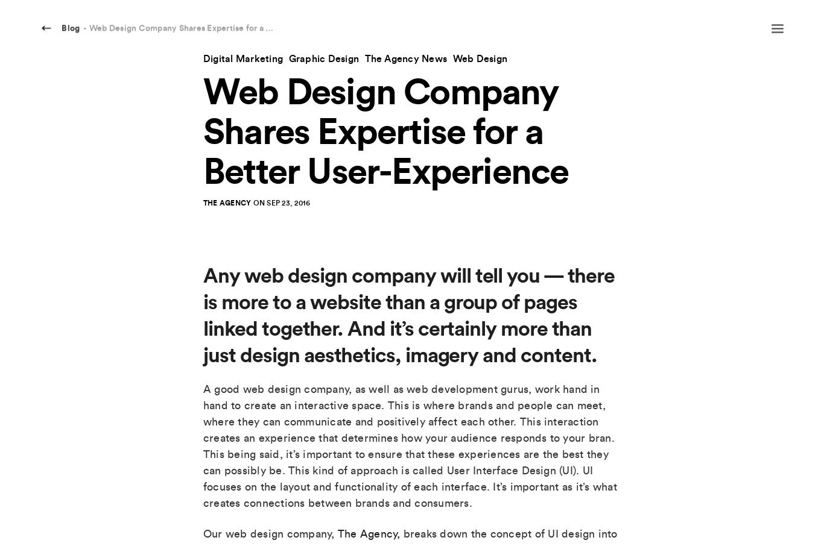  Describe the element at coordinates (480, 454) in the screenshot. I see `'Web Development'` at that location.